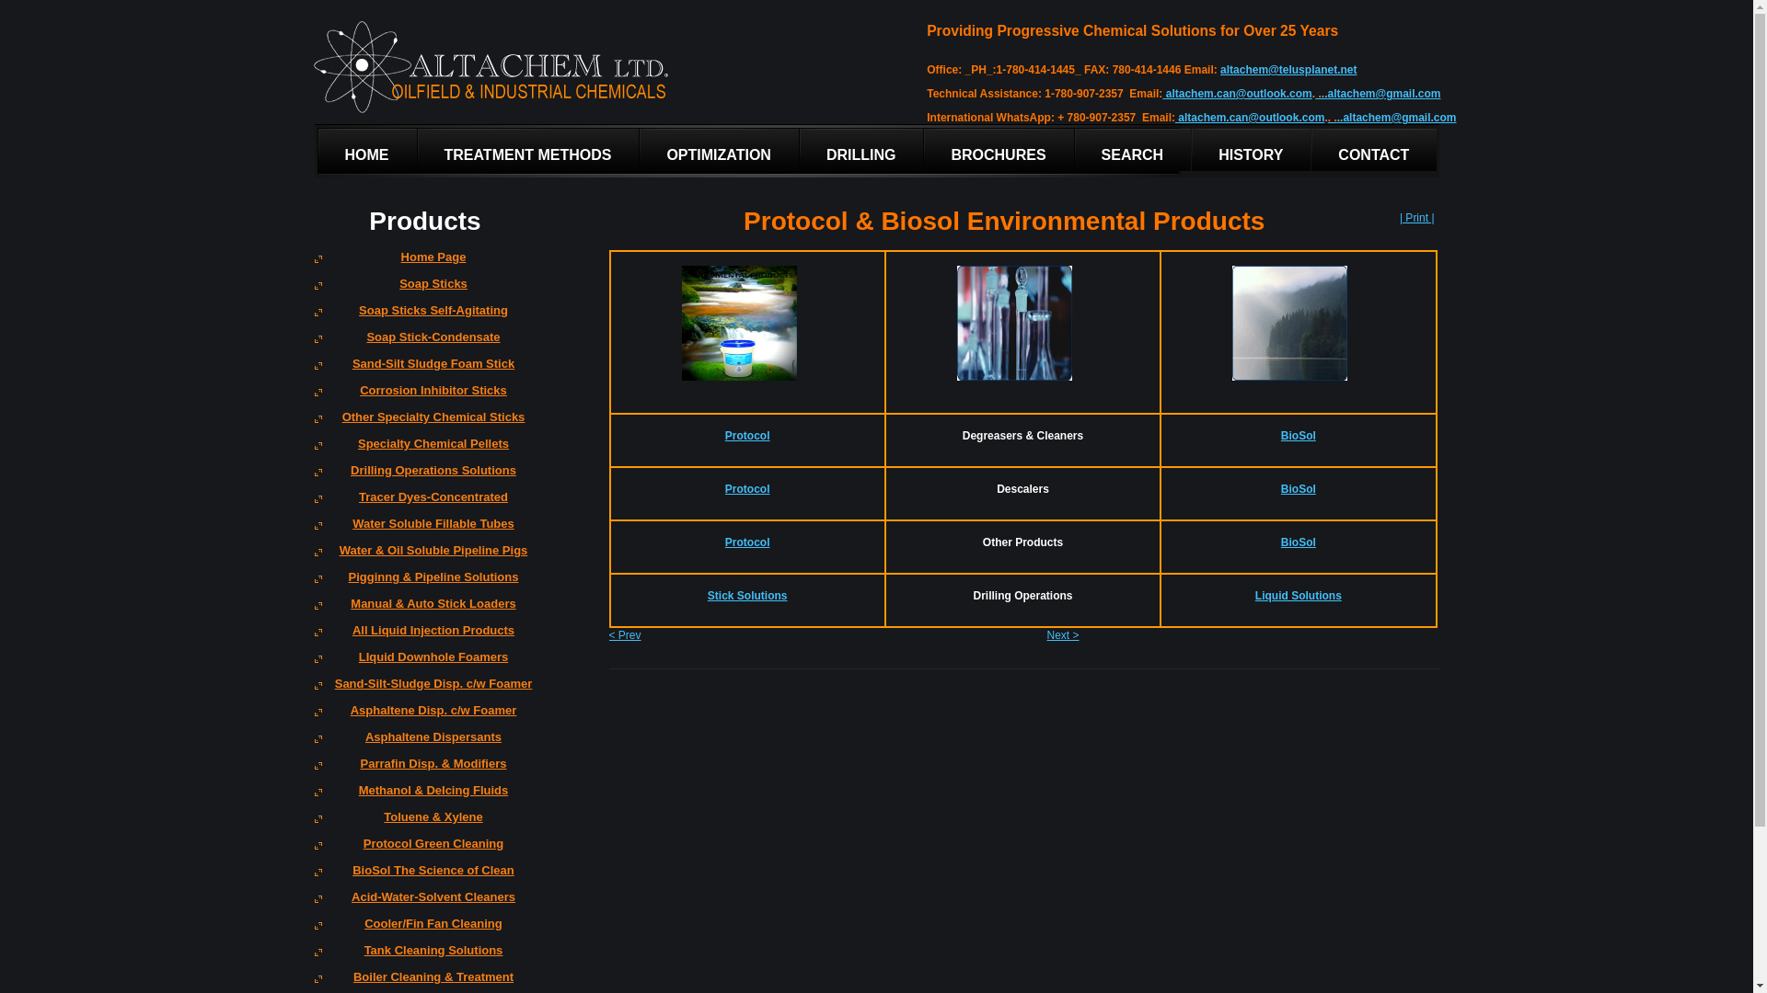 The height and width of the screenshot is (993, 1767). I want to click on 'Soap Stick-Condensate', so click(424, 343).